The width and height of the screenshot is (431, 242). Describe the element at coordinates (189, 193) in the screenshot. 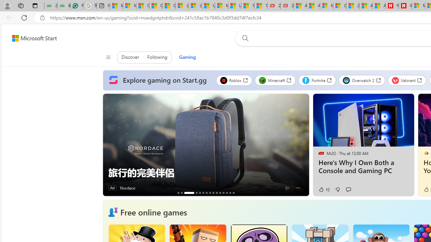

I see `'AutomationID: tab_nativead-infopane-3'` at that location.